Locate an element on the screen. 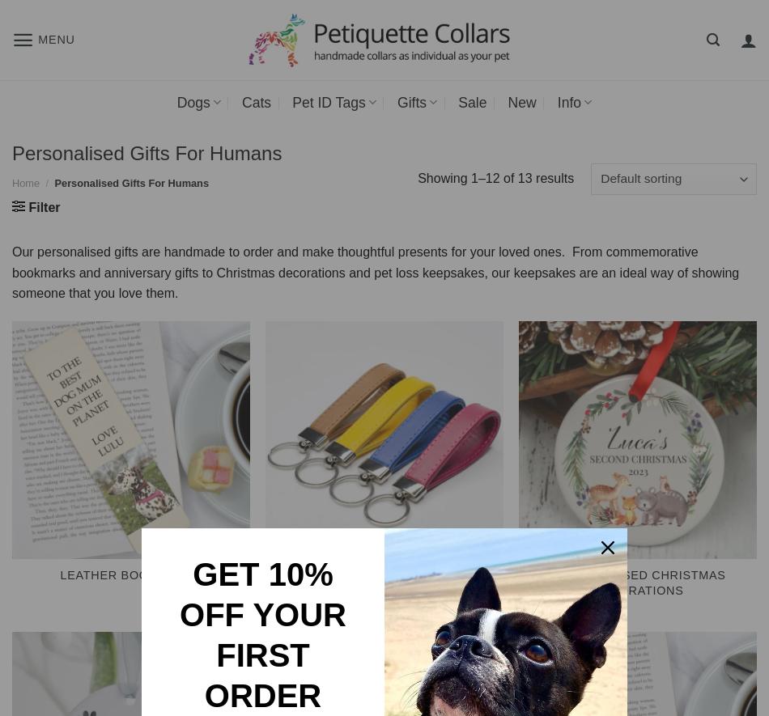  'Pet ID Tags' is located at coordinates (291, 101).